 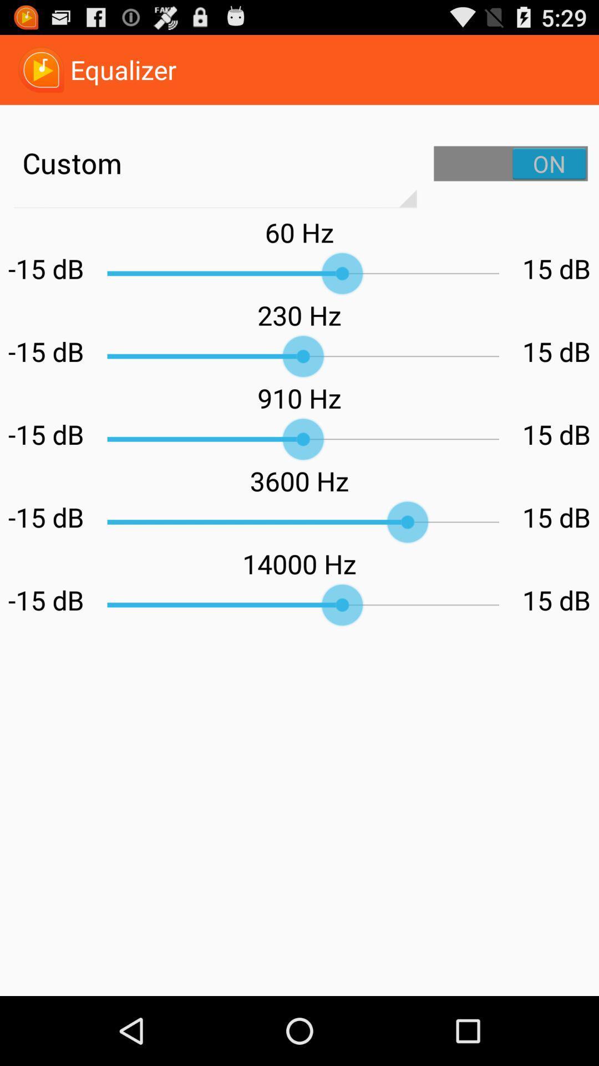 I want to click on the icon above 60 hz icon, so click(x=511, y=163).